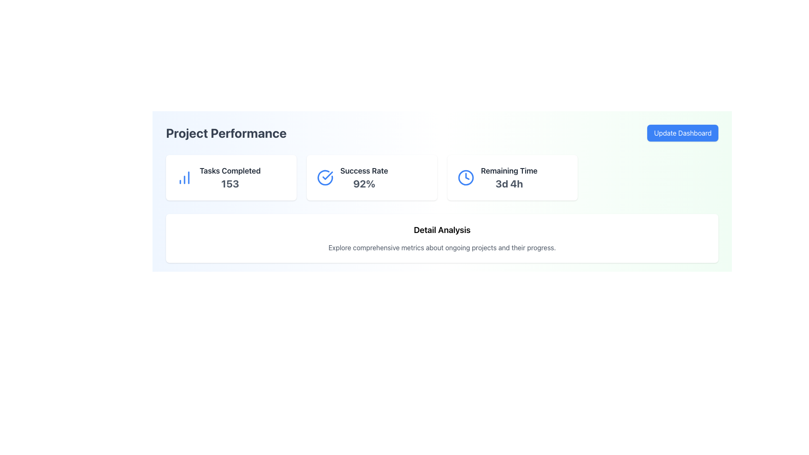 The image size is (809, 455). I want to click on displayed time information from the Informational Card that shows 'Remaining Time' in bold and '3d 4h' in a larger font below it, located in the top-right portion of the grid, so click(512, 177).